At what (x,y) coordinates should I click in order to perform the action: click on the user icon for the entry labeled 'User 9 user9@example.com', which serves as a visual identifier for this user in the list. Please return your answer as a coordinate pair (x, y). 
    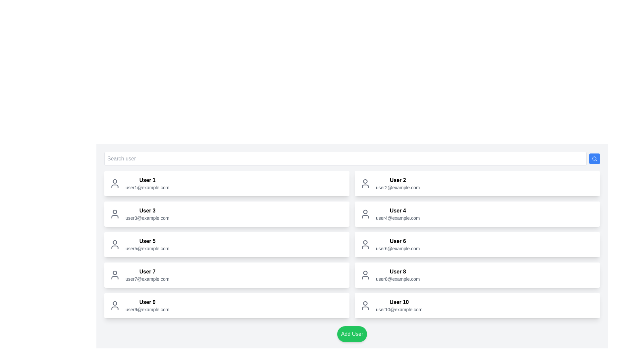
    Looking at the image, I should click on (115, 305).